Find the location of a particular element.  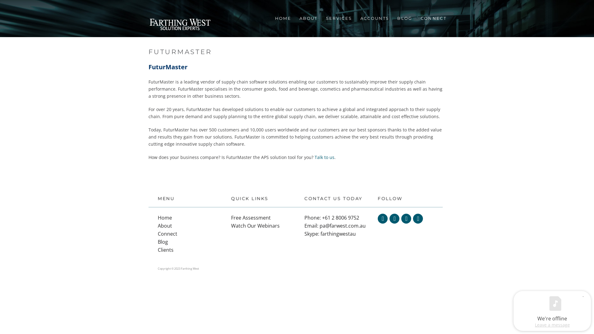

'LinkedIn' is located at coordinates (406, 218).